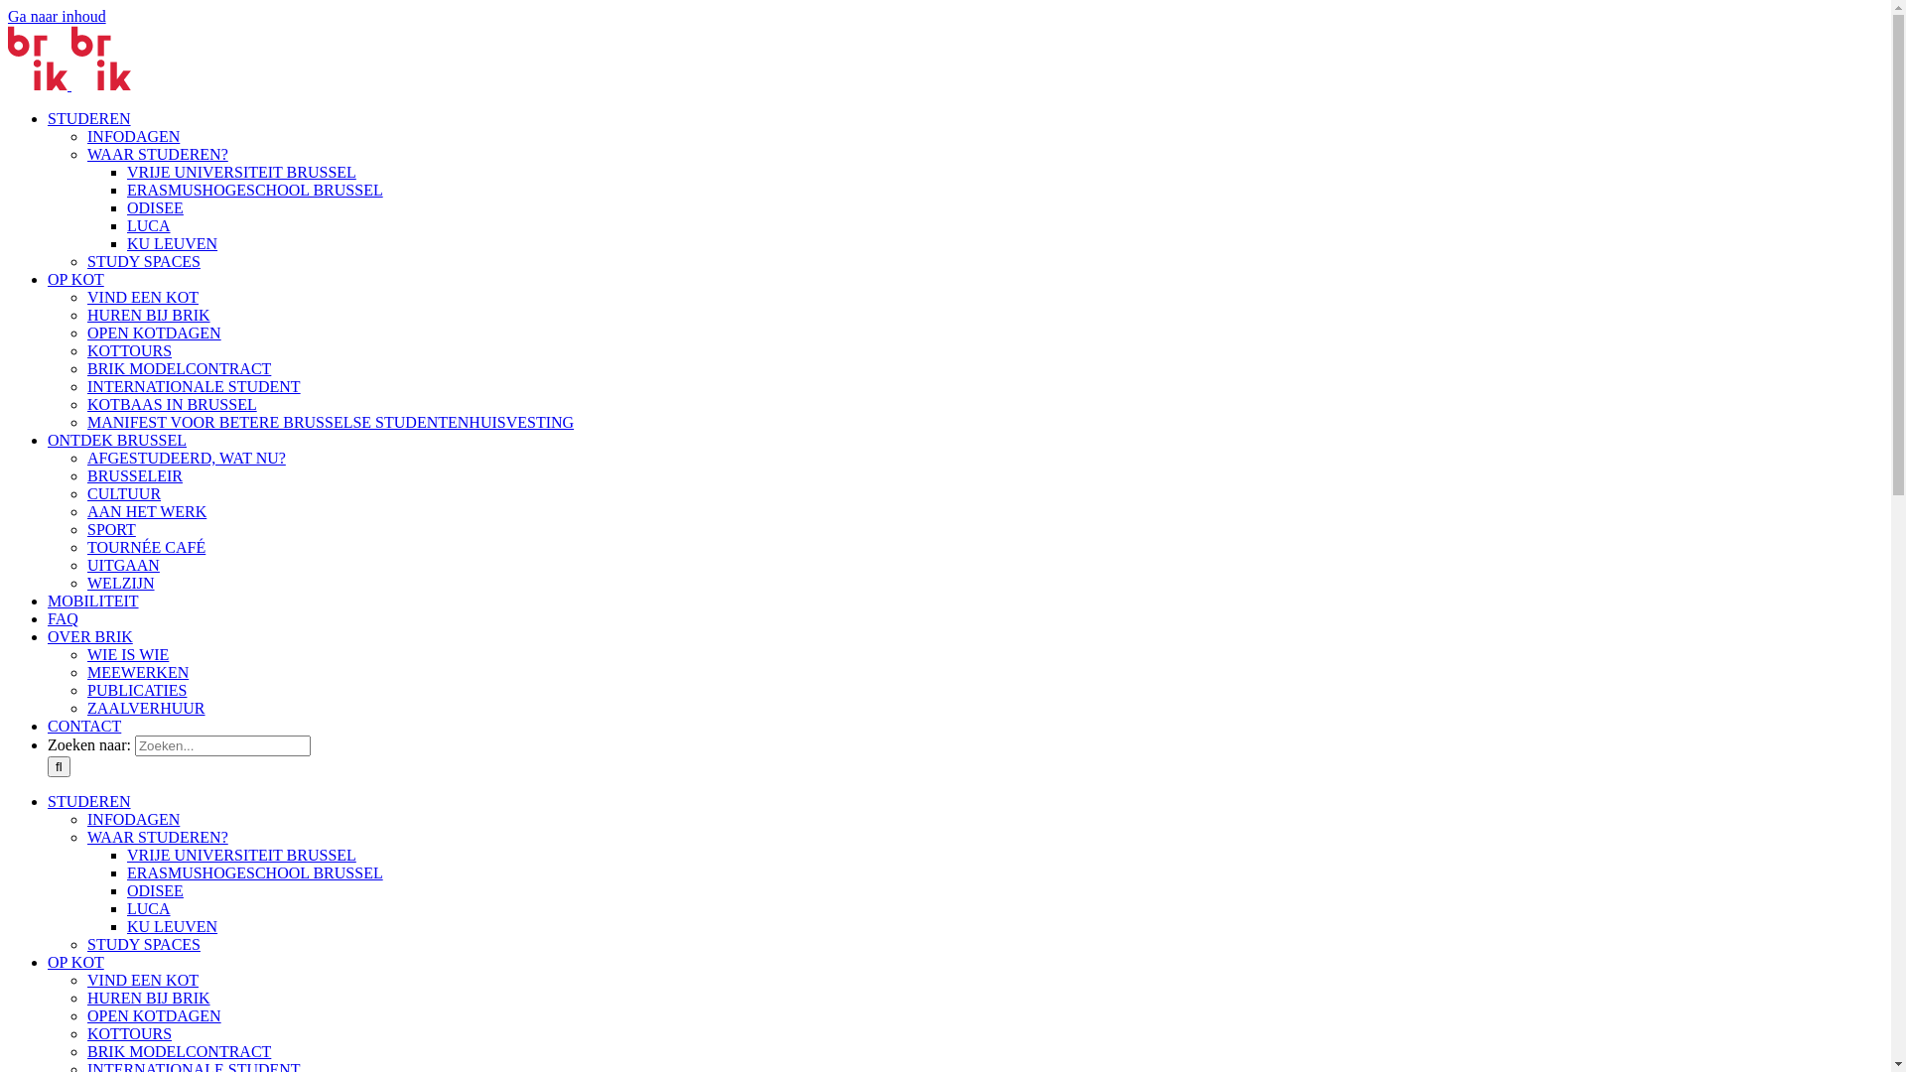  What do you see at coordinates (153, 332) in the screenshot?
I see `'OPEN KOTDAGEN'` at bounding box center [153, 332].